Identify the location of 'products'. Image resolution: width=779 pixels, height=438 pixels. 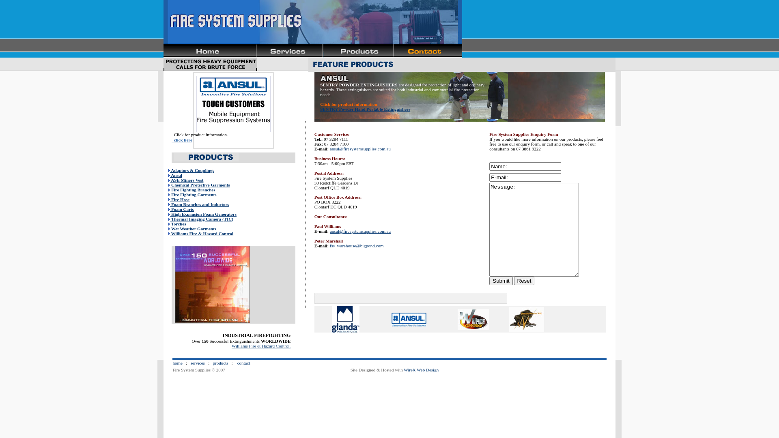
(220, 362).